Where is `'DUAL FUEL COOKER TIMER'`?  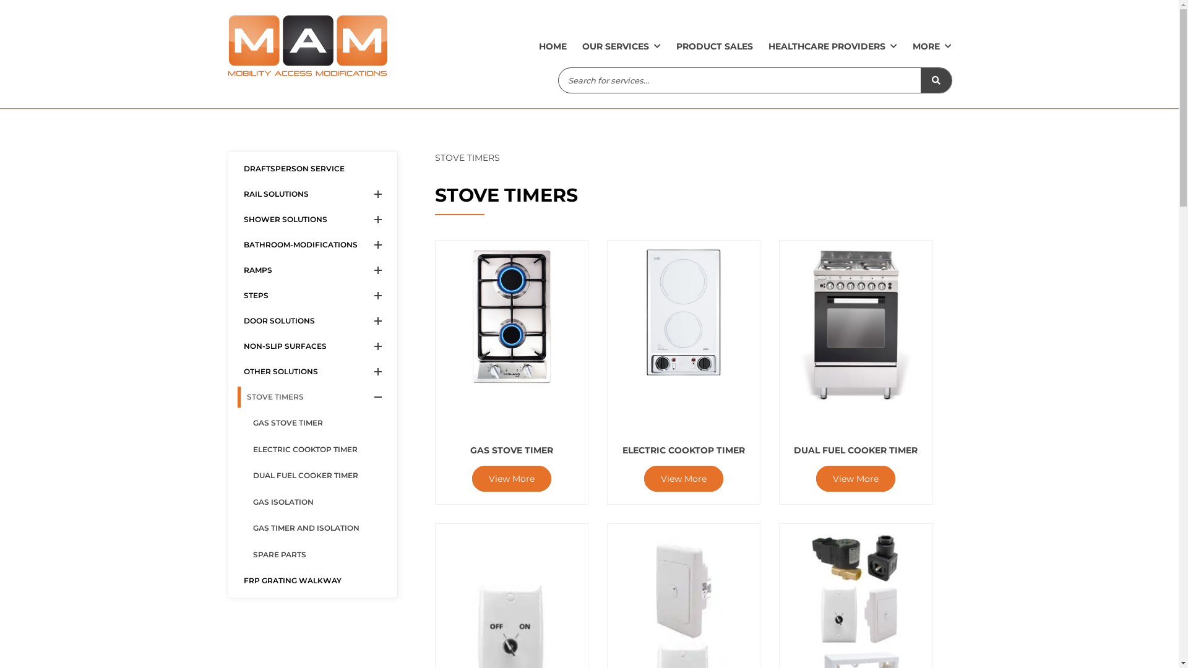 'DUAL FUEL COOKER TIMER' is located at coordinates (854, 332).